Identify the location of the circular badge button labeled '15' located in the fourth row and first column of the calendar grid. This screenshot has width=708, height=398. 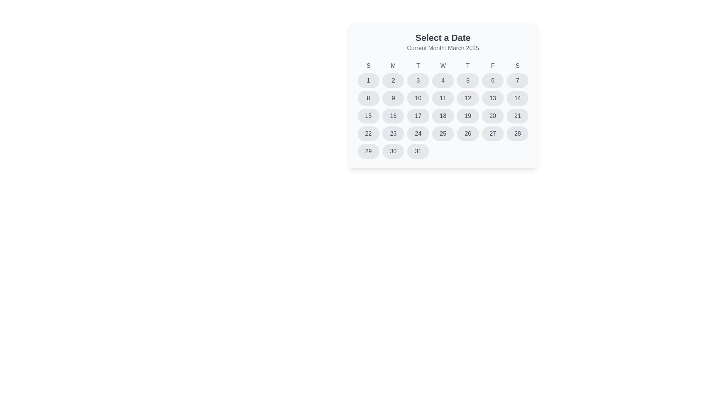
(368, 116).